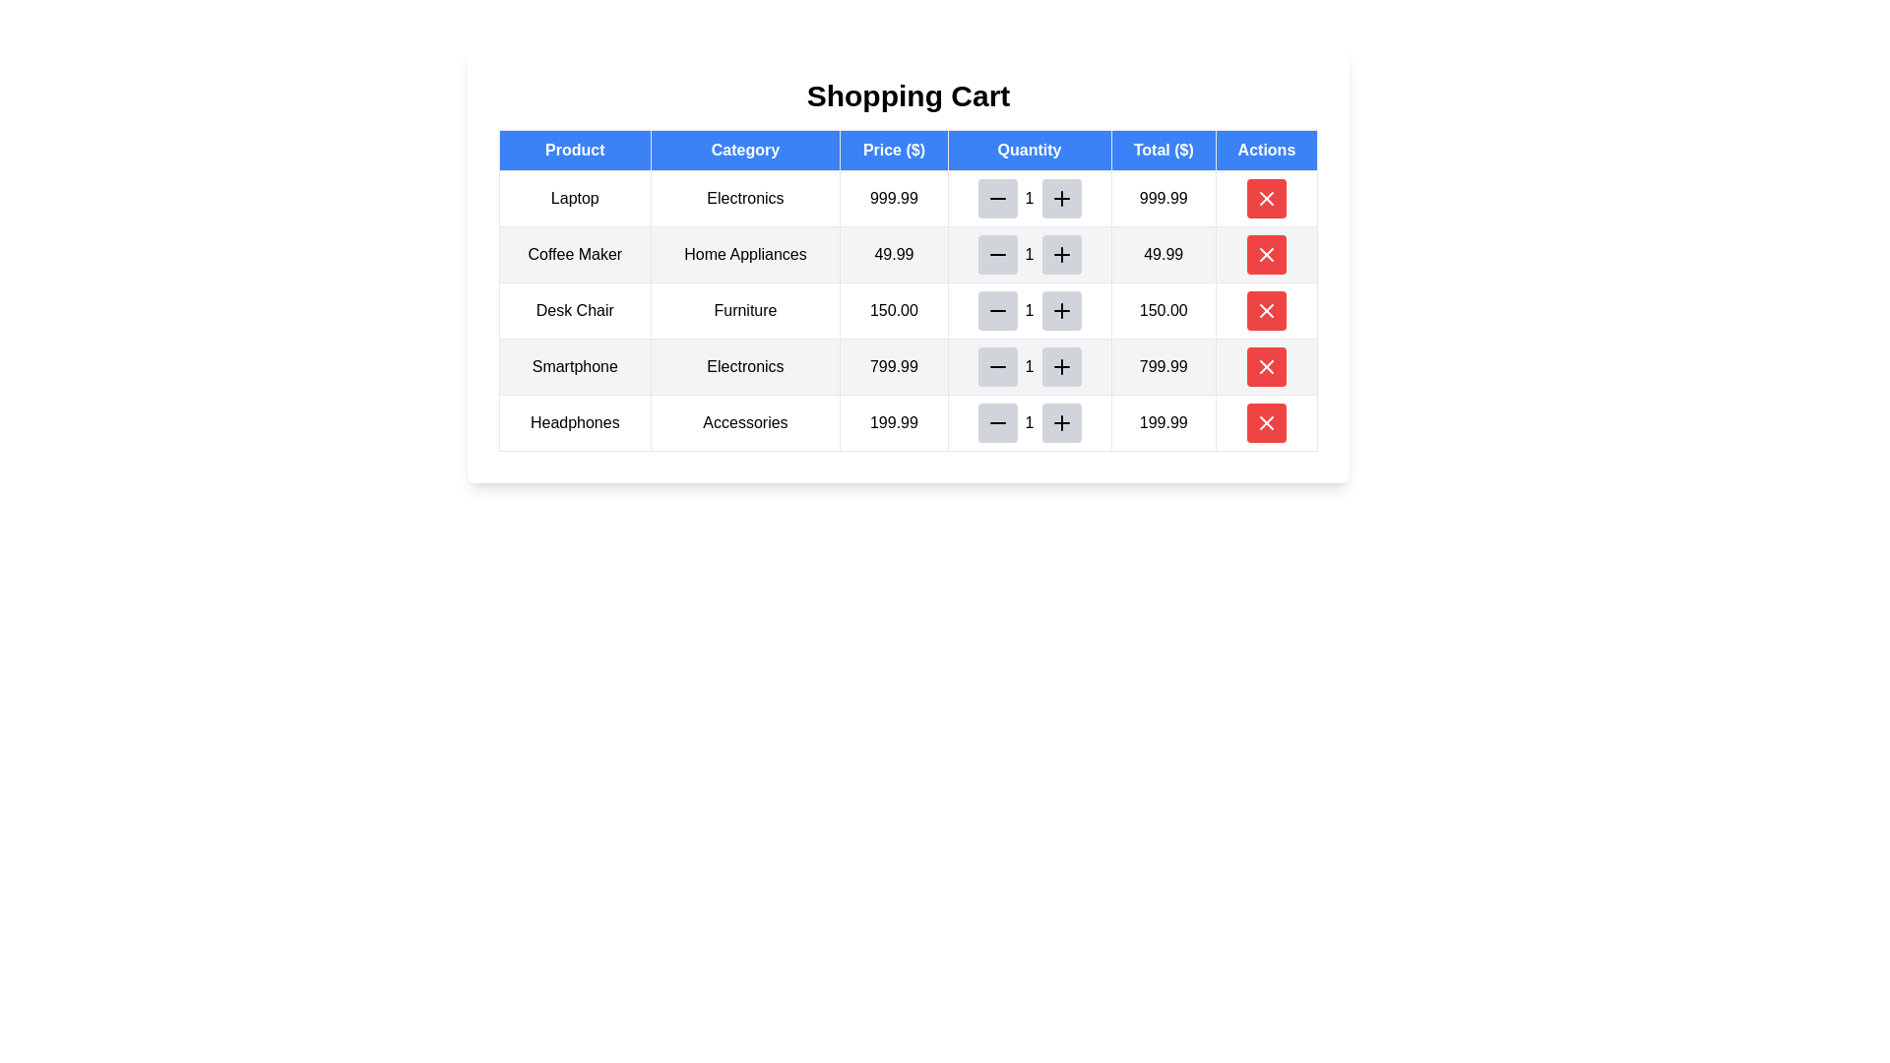 The height and width of the screenshot is (1063, 1890). I want to click on the 'Remove' button for the 'Coffee Maker' item located in the 'Actions' column at the far right of its row, so click(1266, 253).